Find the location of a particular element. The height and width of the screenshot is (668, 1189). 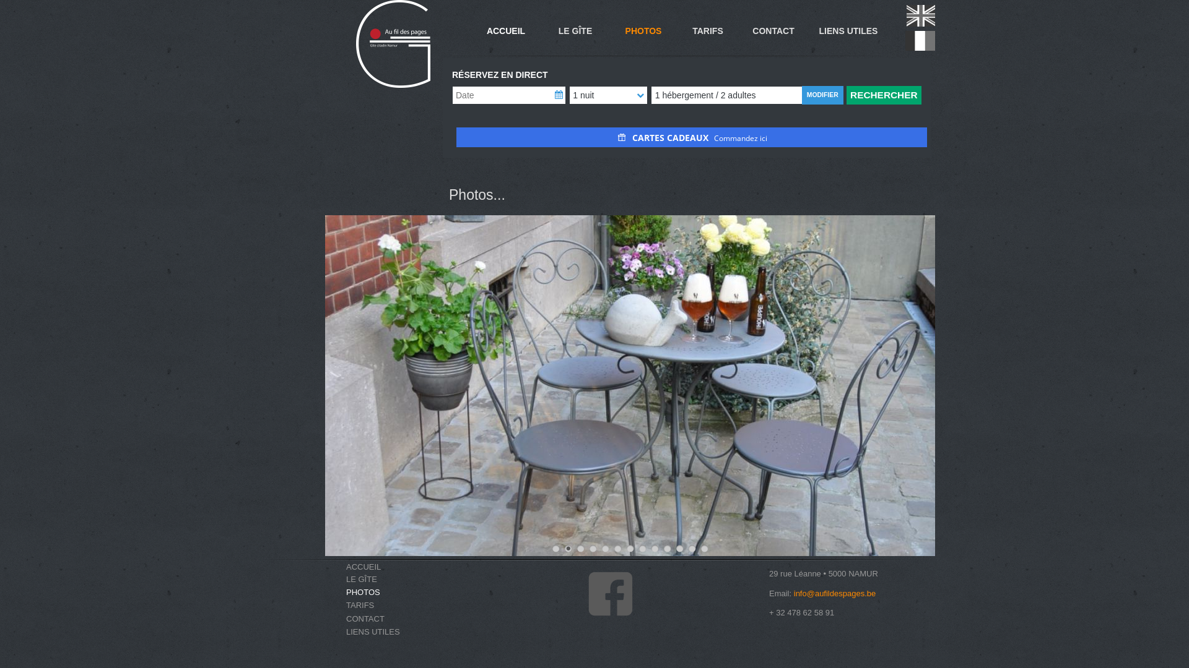

'TARIFS' is located at coordinates (707, 30).